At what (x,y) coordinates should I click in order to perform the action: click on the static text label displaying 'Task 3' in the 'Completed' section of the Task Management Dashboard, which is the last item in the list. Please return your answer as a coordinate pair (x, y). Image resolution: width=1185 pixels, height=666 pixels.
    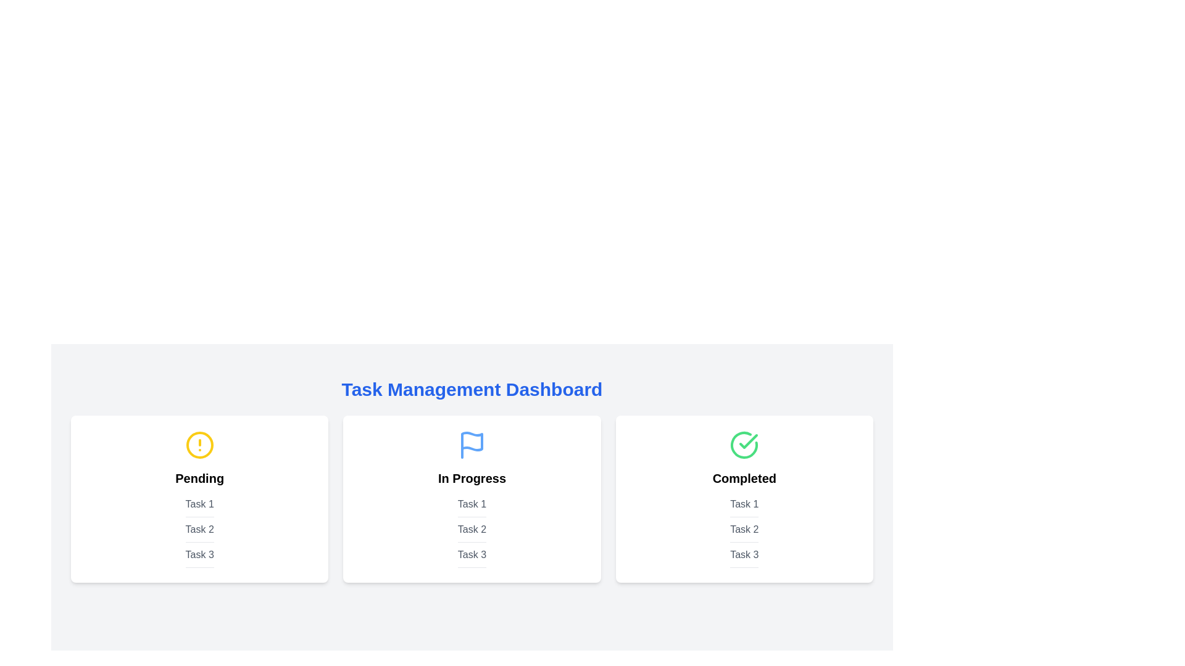
    Looking at the image, I should click on (744, 557).